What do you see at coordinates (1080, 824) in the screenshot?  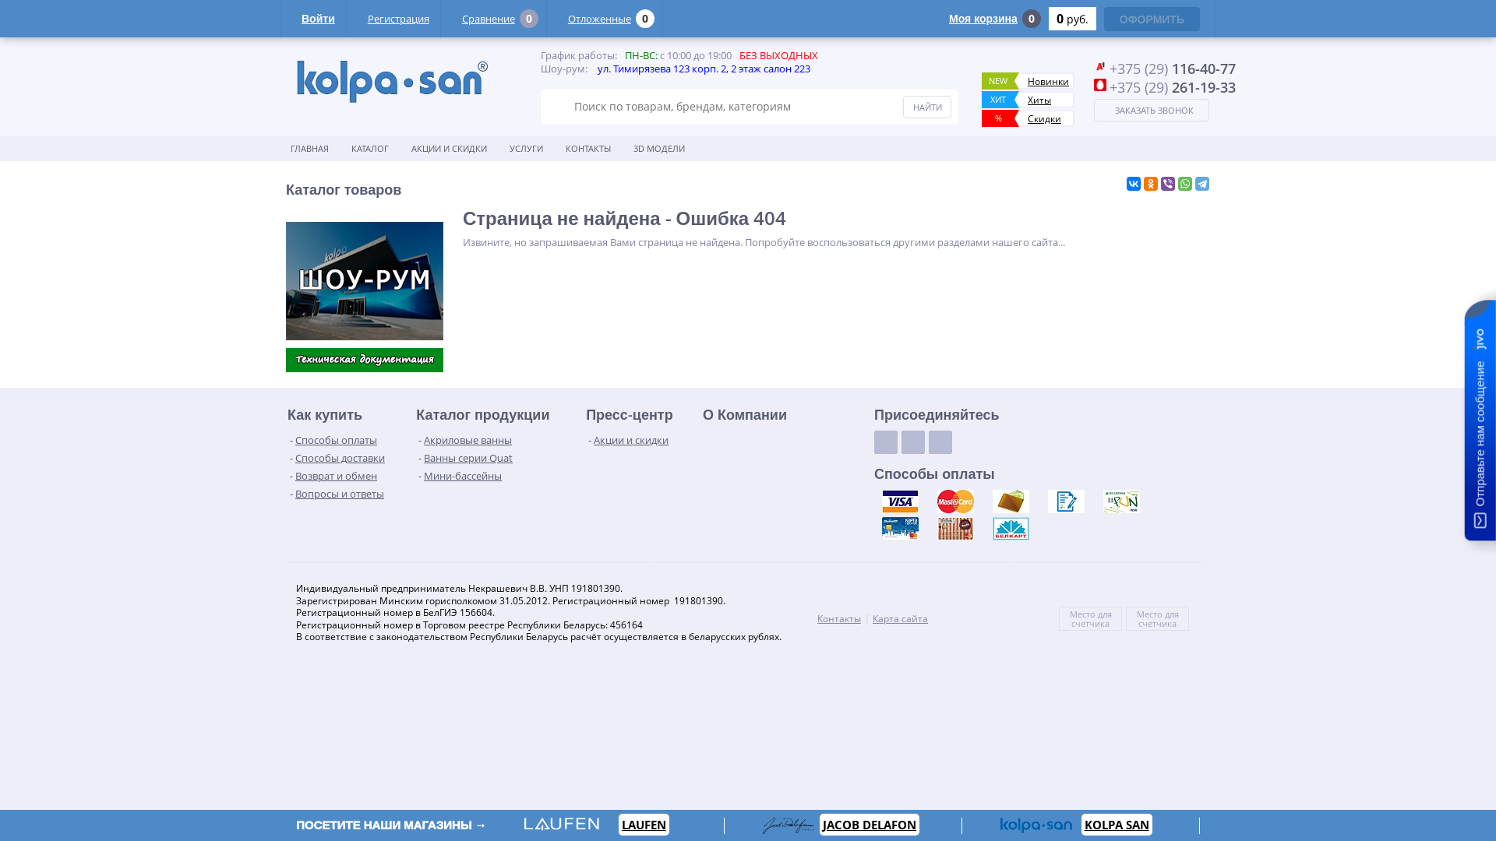 I see `'KOLPA SAN'` at bounding box center [1080, 824].